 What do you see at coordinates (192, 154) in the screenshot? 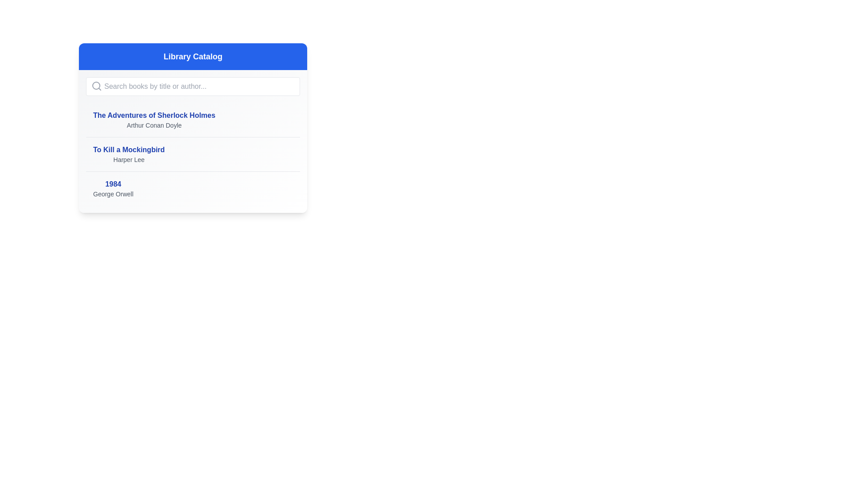
I see `the list item displaying 'To Kill a Mockingbird' by 'Harper Lee'` at bounding box center [192, 154].